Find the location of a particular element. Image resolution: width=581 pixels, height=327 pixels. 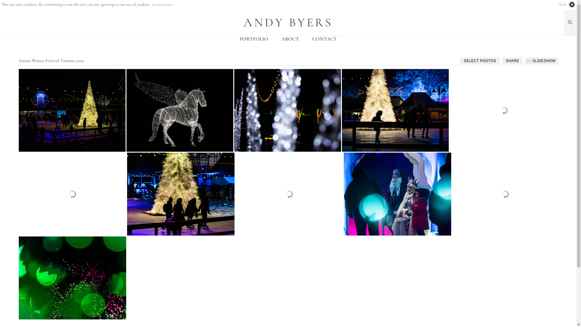

'ANDY BYERS' is located at coordinates (288, 22).